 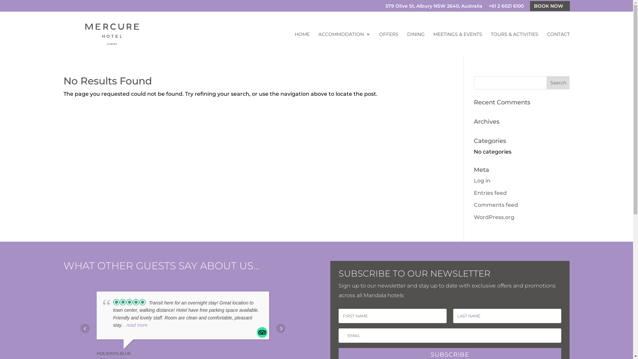 What do you see at coordinates (280, 328) in the screenshot?
I see `'Next'` at bounding box center [280, 328].